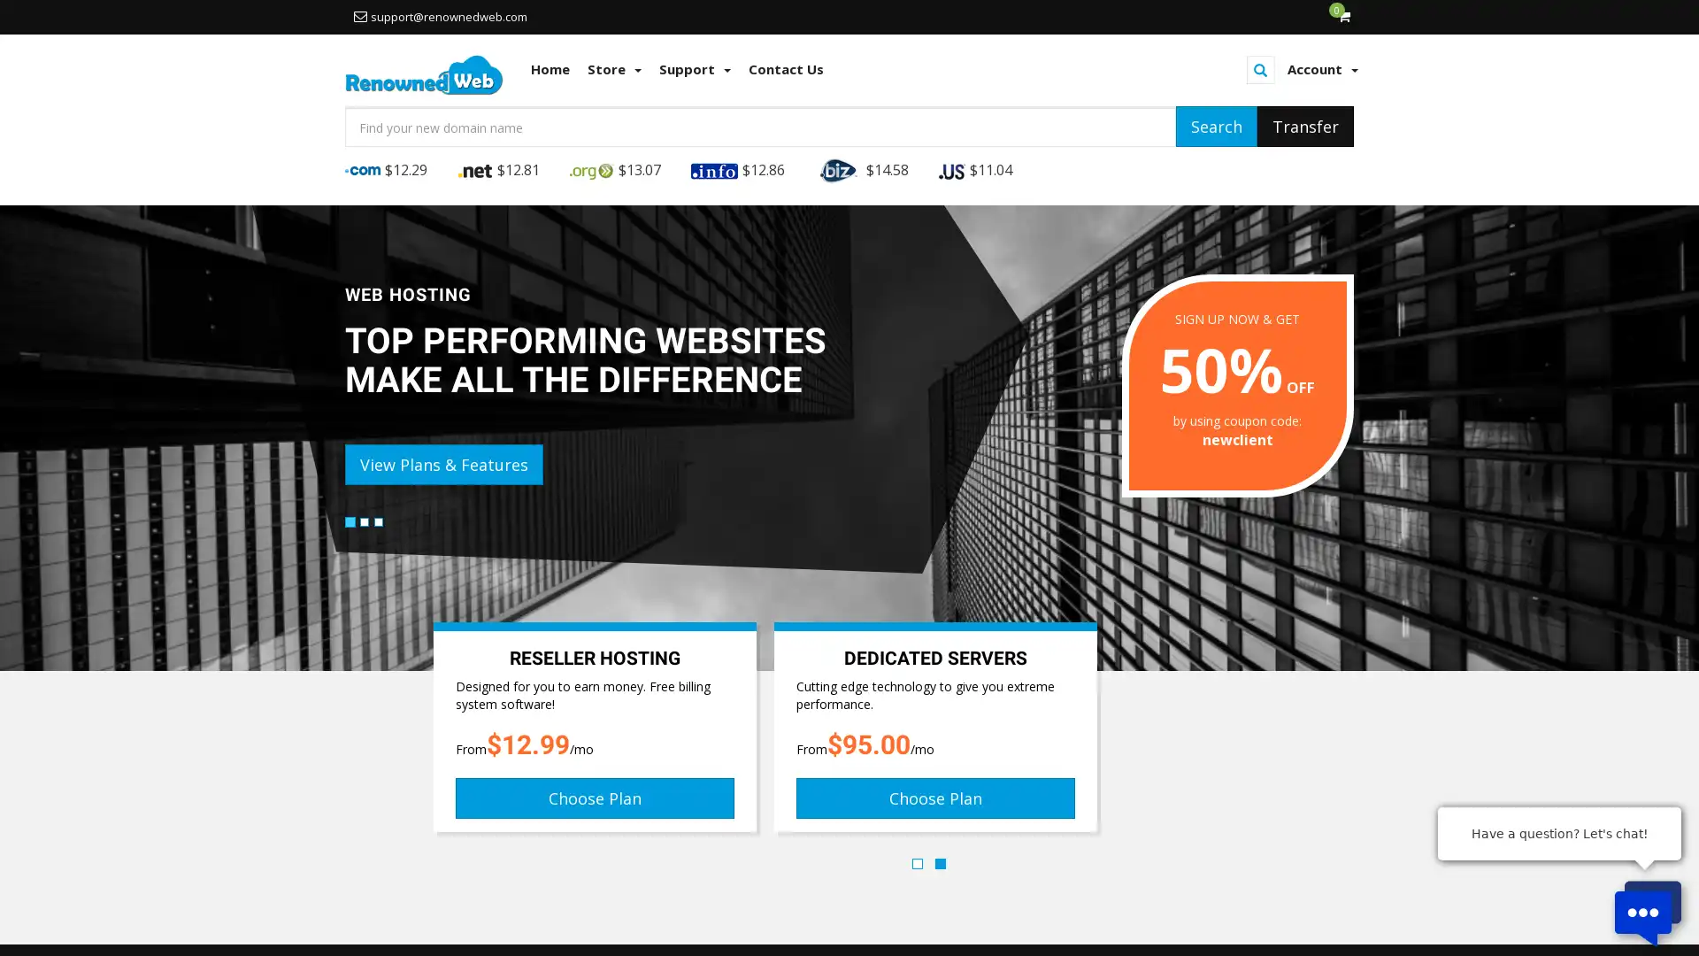 This screenshot has width=1699, height=956. I want to click on Transfer, so click(1305, 125).